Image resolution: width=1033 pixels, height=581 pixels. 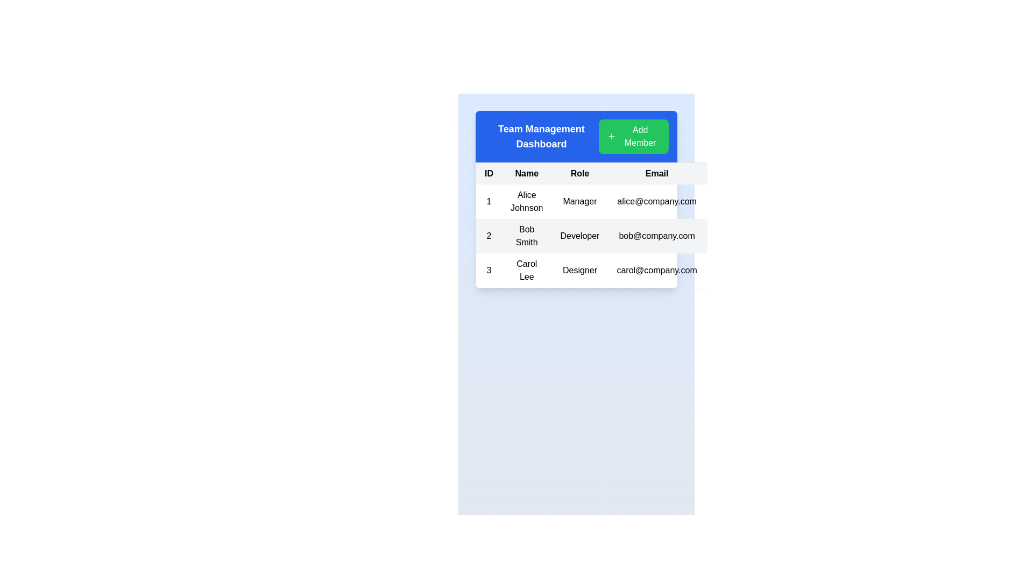 I want to click on the third table row displaying detailed information about an individual, including their ID, name, role, email address, and status, so click(x=641, y=270).